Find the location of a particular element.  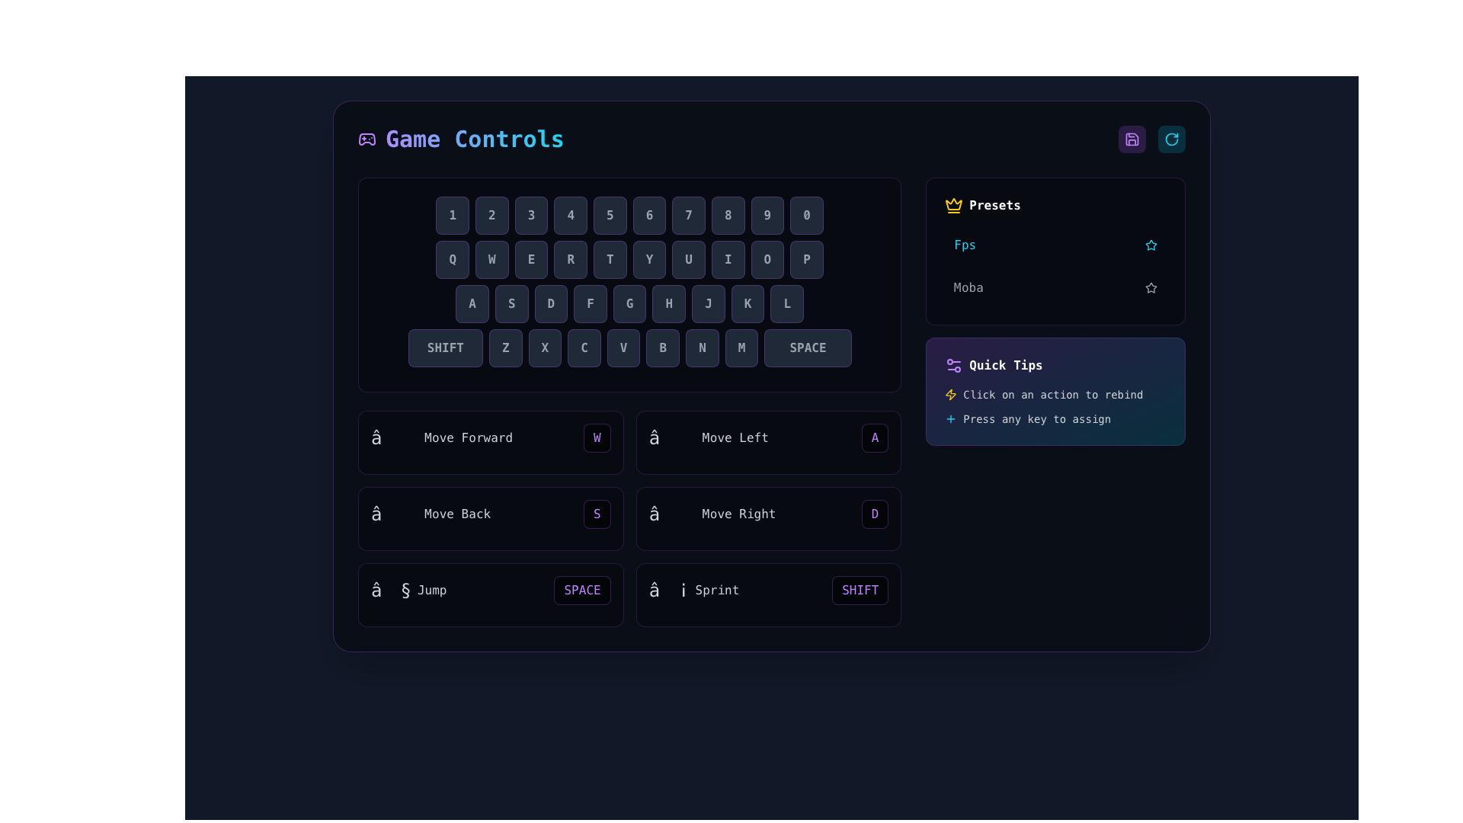

the rectangular button with a dark gray background and a bold gray 'X' centered on it, located between the 'Z' and 'C' buttons is located at coordinates (545, 347).